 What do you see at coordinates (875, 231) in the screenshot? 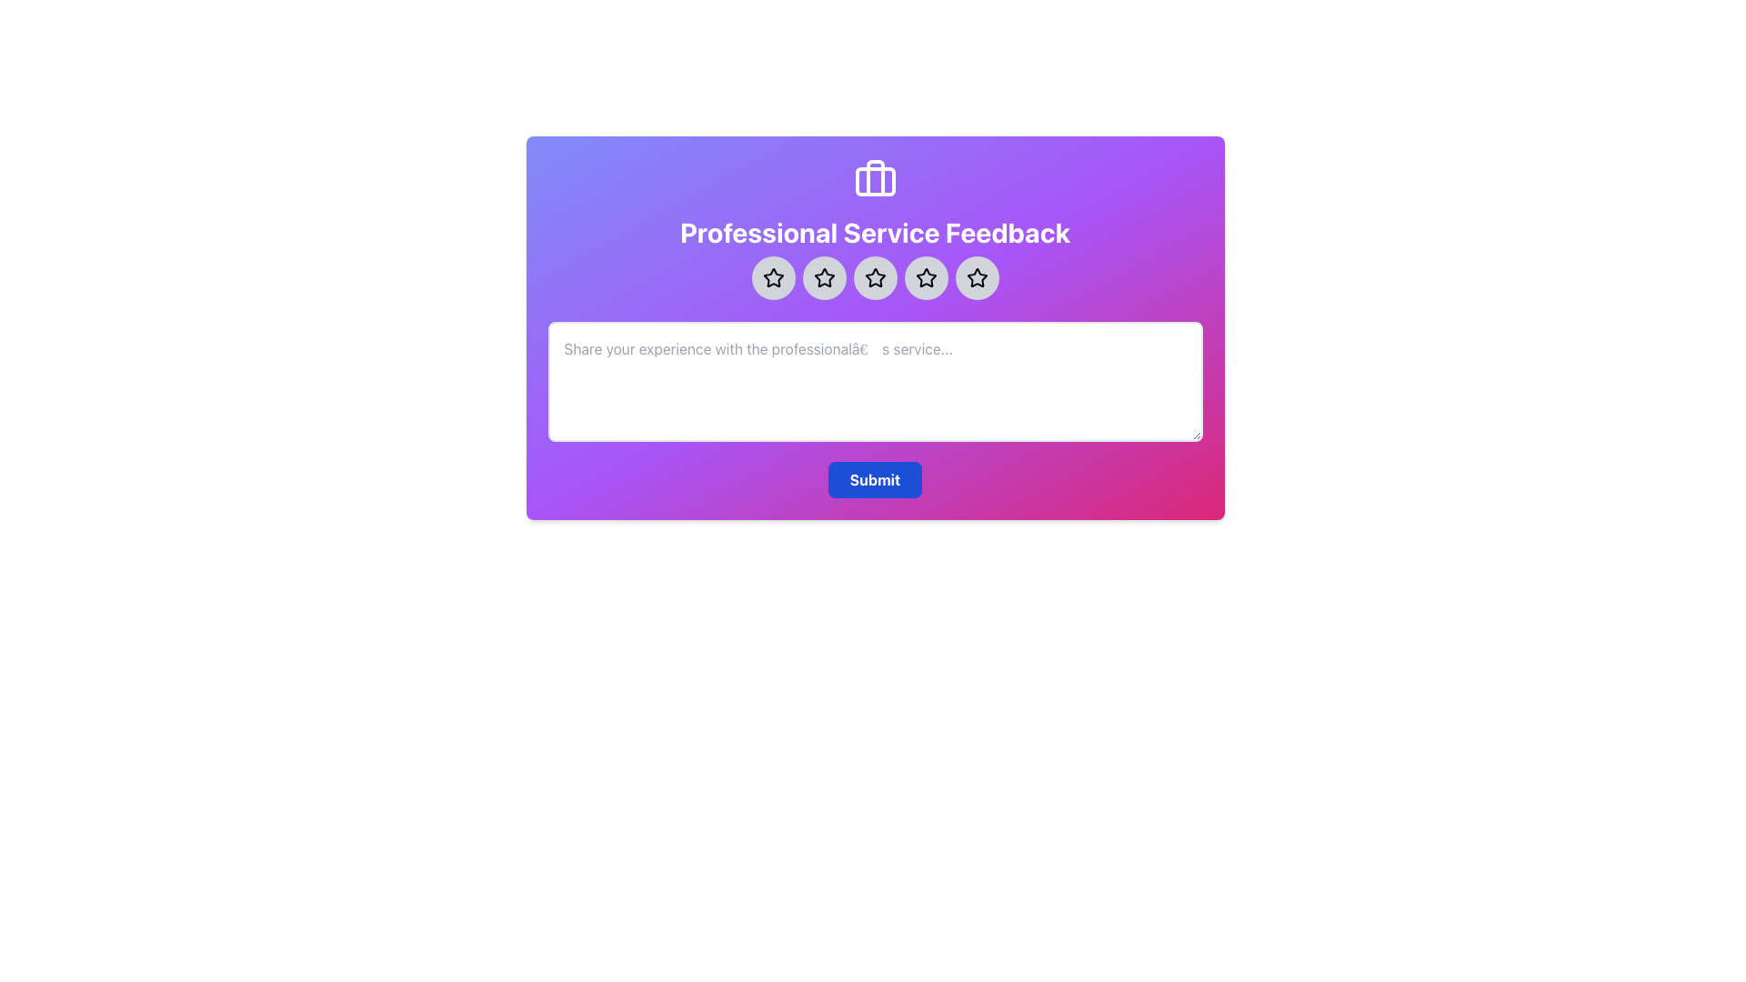
I see `the Text Header that introduces the 'Professional Service Feedback' section, positioned centrally at the top of the interface, between a briefcase icon and a row of rating stars` at bounding box center [875, 231].